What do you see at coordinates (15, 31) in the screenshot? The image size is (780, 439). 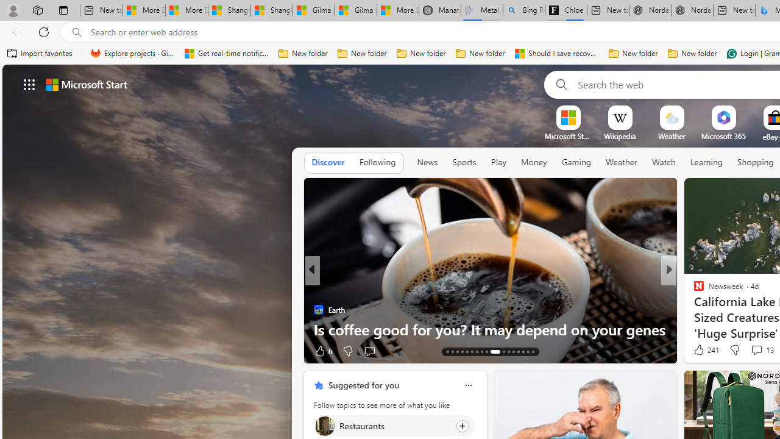 I see `'Back'` at bounding box center [15, 31].